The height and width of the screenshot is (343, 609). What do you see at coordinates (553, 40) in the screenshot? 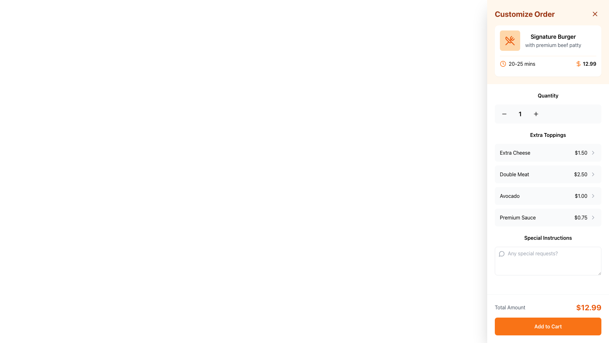
I see `text content of the 'Signature Burger' label, which includes the bold text 'Signature Burger' and the smaller text 'with premium beef patty', located in the 'Customize Order' section to the right of the orange crossed utensils icon` at bounding box center [553, 40].